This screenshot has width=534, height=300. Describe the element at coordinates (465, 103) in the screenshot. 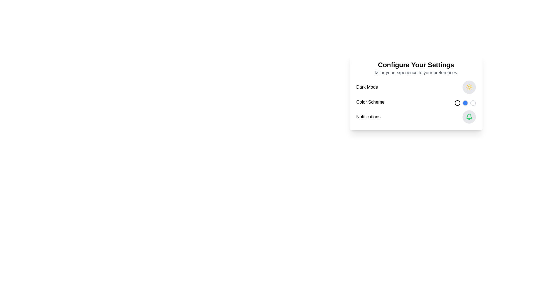

I see `the second button with a blue fill color under the 'Color Scheme' label in the settings card` at that location.